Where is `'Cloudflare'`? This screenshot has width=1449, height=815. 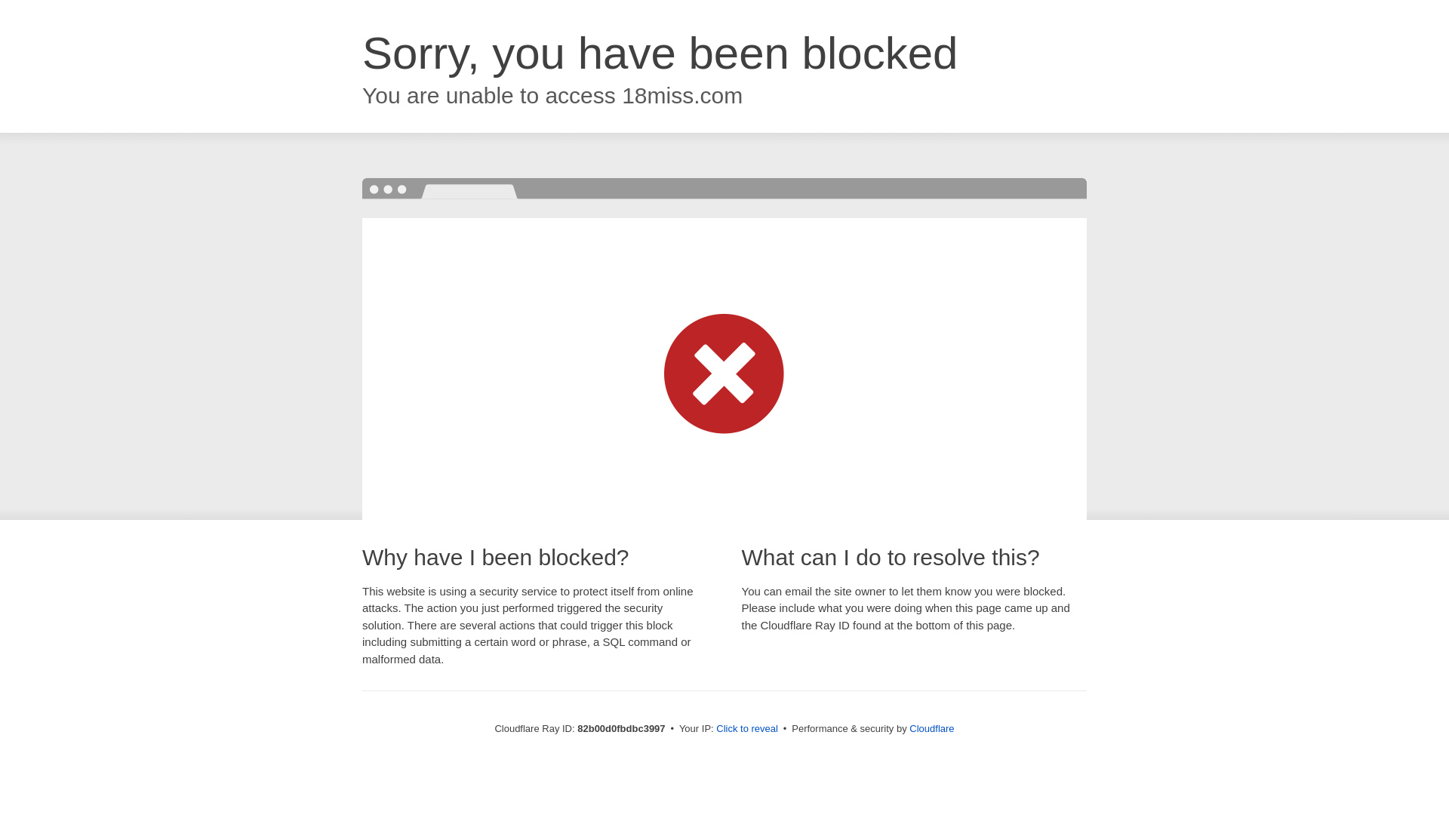 'Cloudflare' is located at coordinates (908, 727).